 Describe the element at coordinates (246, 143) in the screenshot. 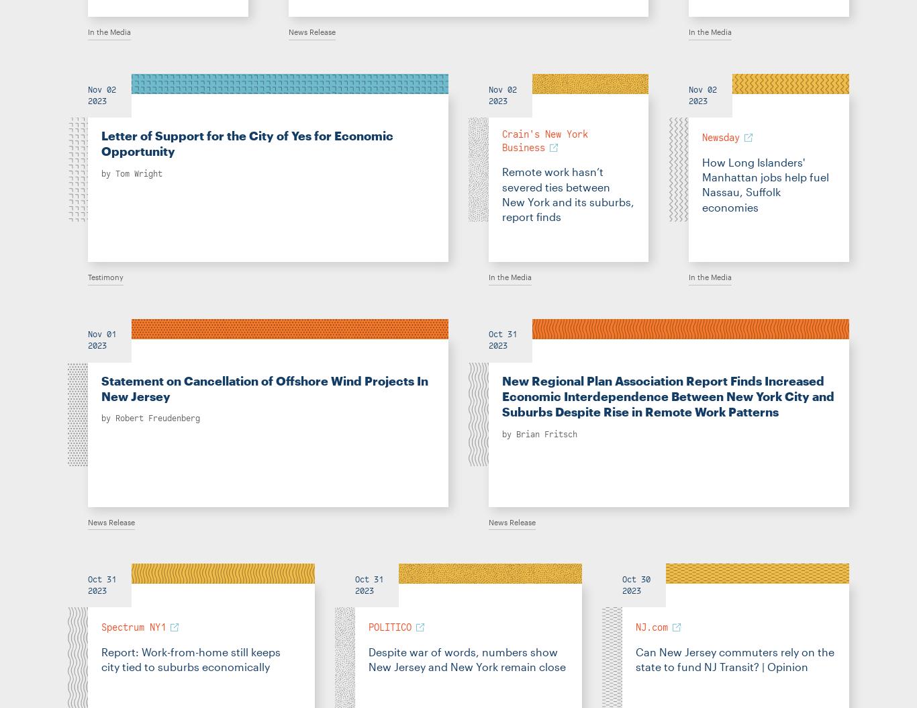

I see `'Letter of Support for the City of Yes for Economic Opportunity'` at that location.